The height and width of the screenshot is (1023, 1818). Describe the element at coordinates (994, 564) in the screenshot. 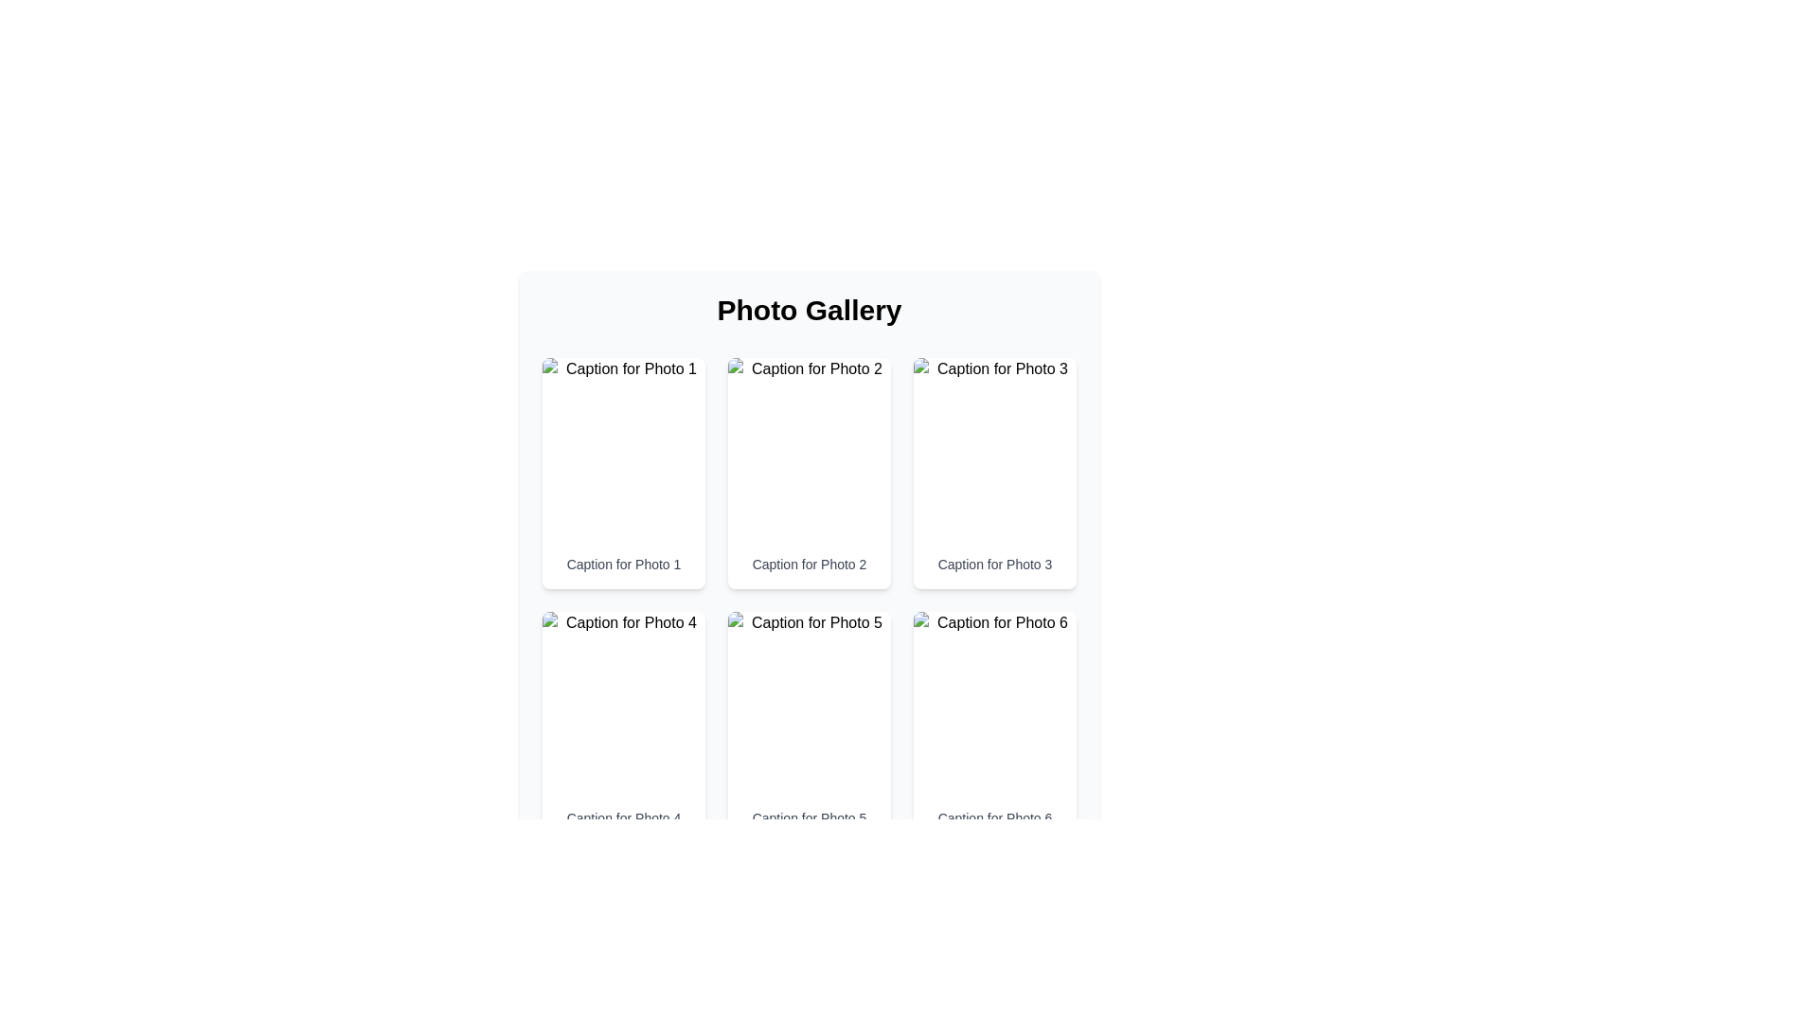

I see `the text caption element located at the bottom of the third card in the top row of the photo gallery layout, which provides additional information about the image above it` at that location.